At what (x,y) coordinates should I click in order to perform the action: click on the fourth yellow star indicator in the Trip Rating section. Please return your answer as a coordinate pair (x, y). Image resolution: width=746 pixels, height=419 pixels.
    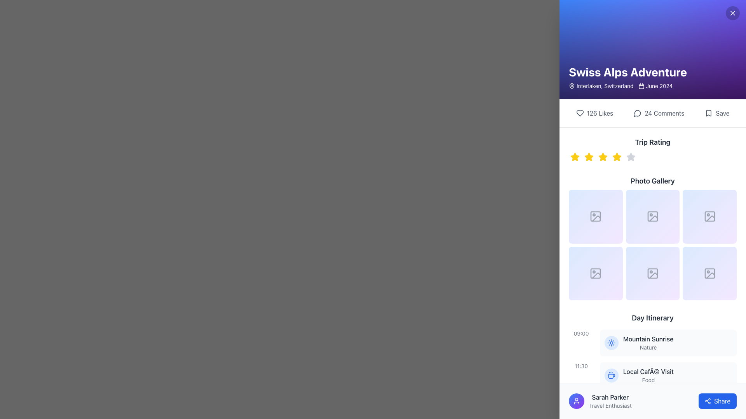
    Looking at the image, I should click on (617, 157).